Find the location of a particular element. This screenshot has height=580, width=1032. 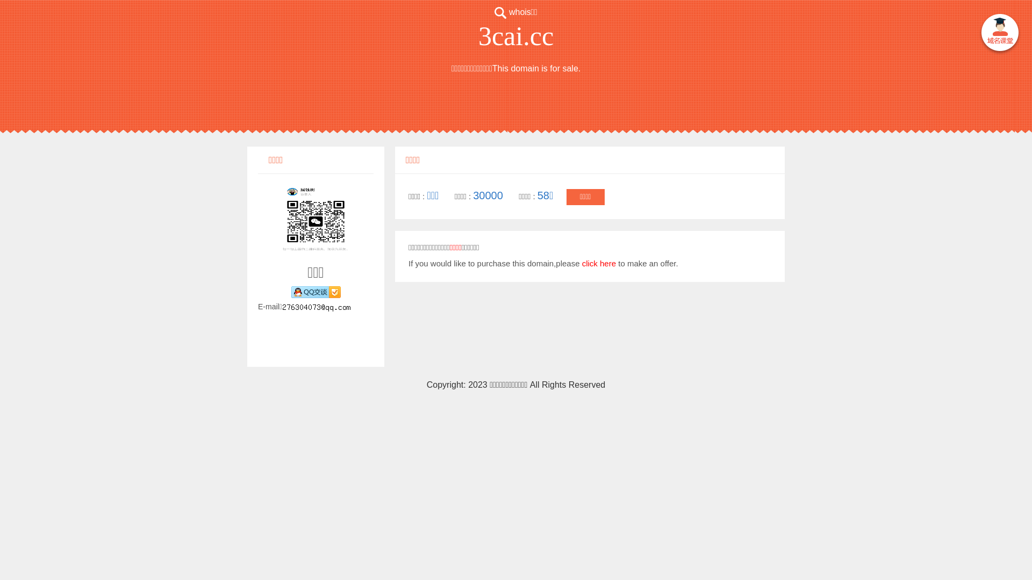

' ' is located at coordinates (999, 33).